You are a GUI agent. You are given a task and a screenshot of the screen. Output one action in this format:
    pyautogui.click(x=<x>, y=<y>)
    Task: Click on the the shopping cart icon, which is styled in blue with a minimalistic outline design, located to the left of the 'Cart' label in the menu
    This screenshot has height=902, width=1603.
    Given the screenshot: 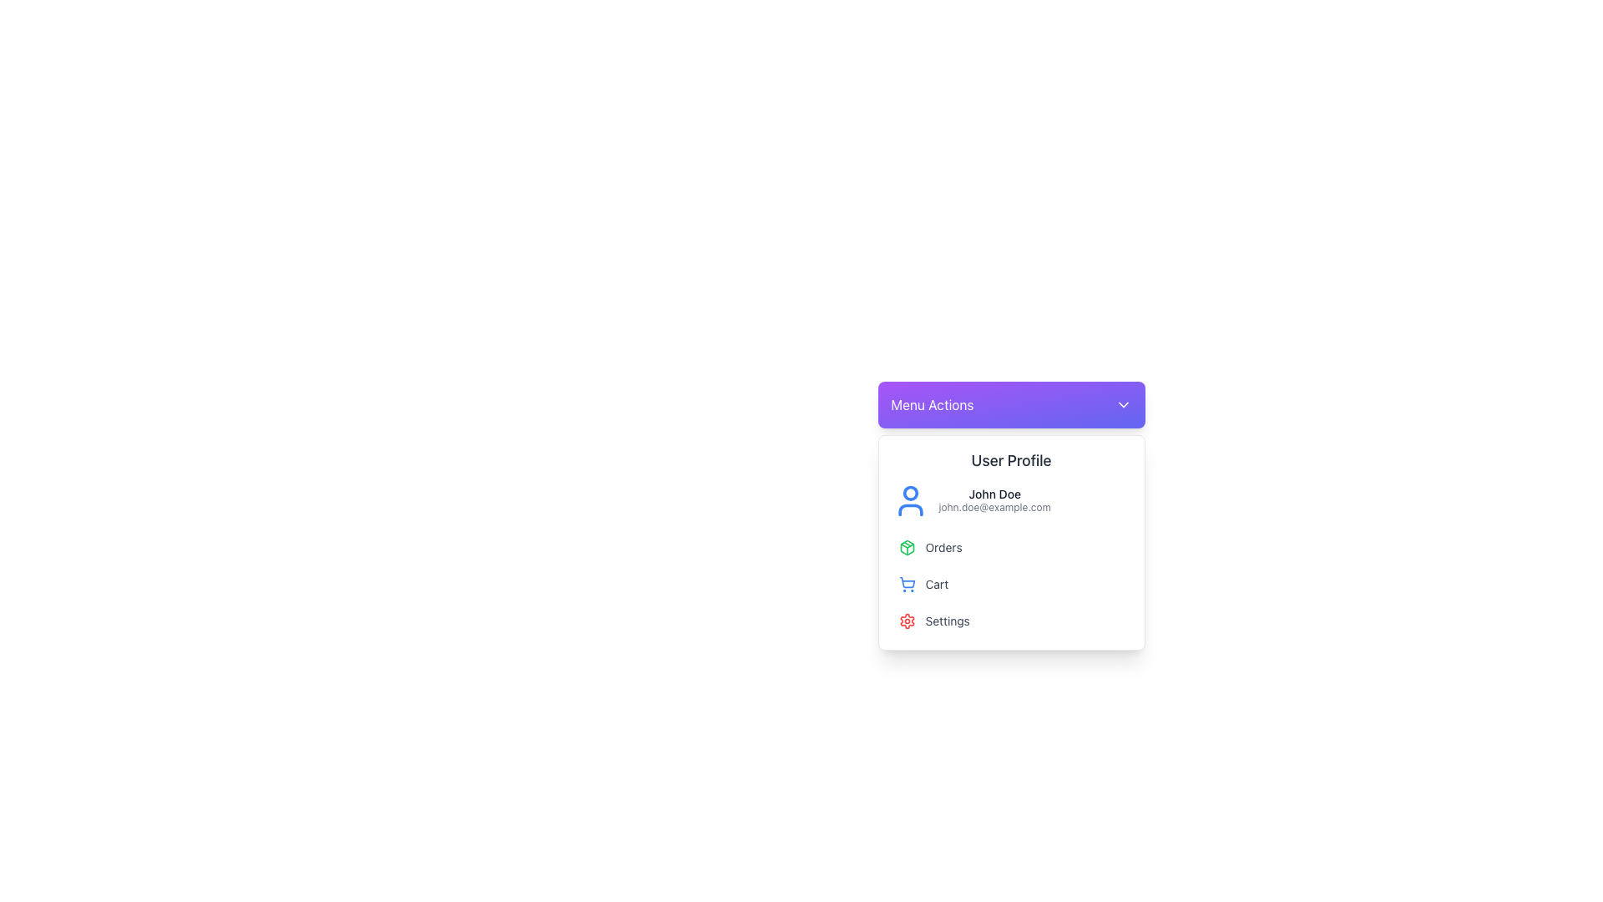 What is the action you would take?
    pyautogui.click(x=906, y=583)
    